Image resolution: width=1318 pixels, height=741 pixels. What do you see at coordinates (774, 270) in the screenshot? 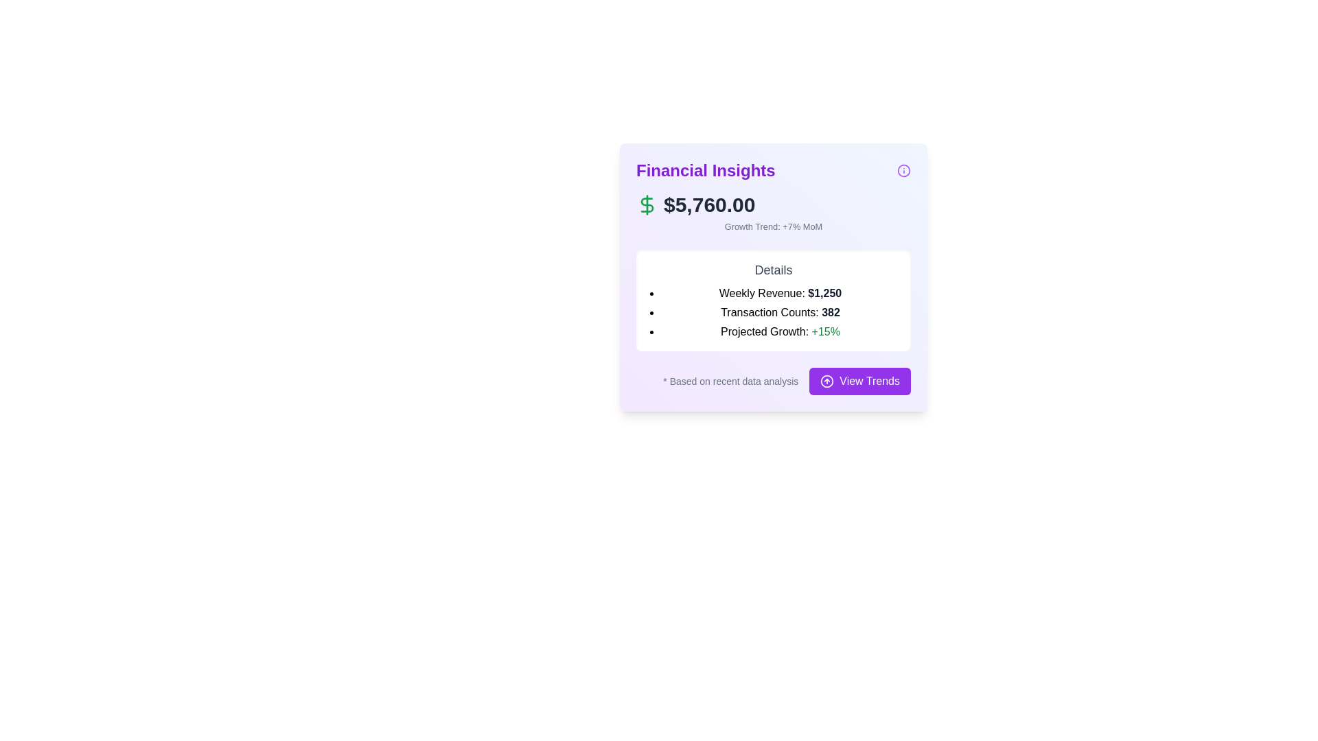
I see `the 'Details' text label, which is styled with a larger font size, medium font weight, and gray color, located in the top section of the white rounded box containing financial details` at bounding box center [774, 270].